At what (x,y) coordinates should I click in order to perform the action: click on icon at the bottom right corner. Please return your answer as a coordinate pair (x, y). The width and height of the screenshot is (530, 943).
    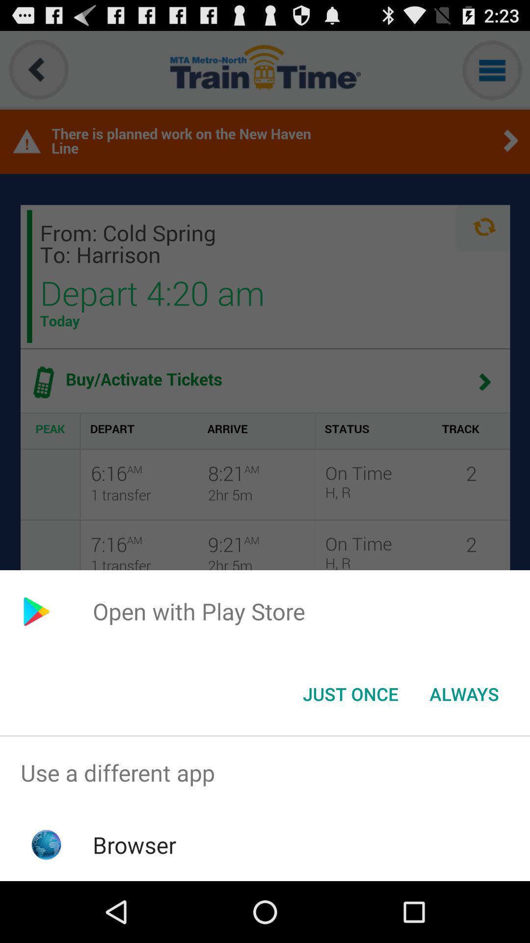
    Looking at the image, I should click on (464, 693).